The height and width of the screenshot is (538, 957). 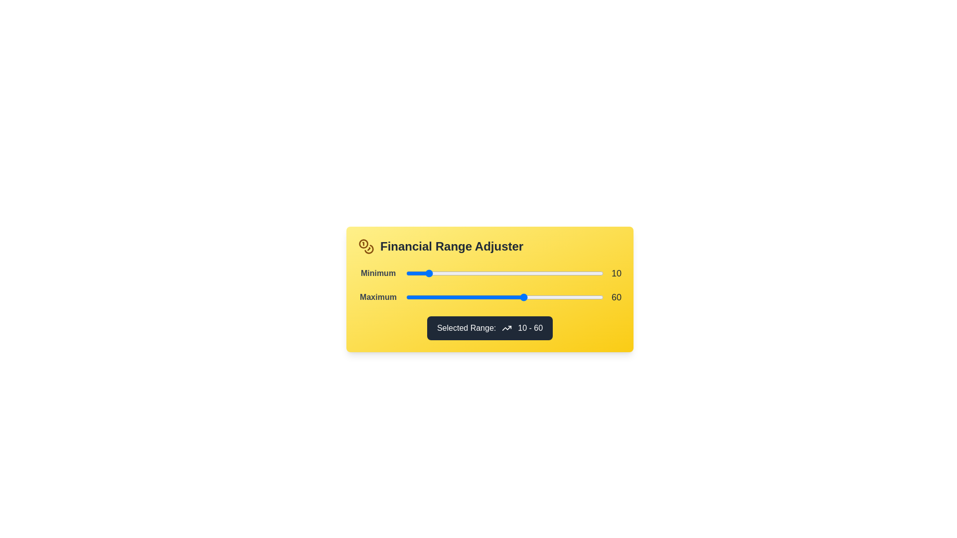 I want to click on the 'Maximum' range slider to 21, so click(x=447, y=297).